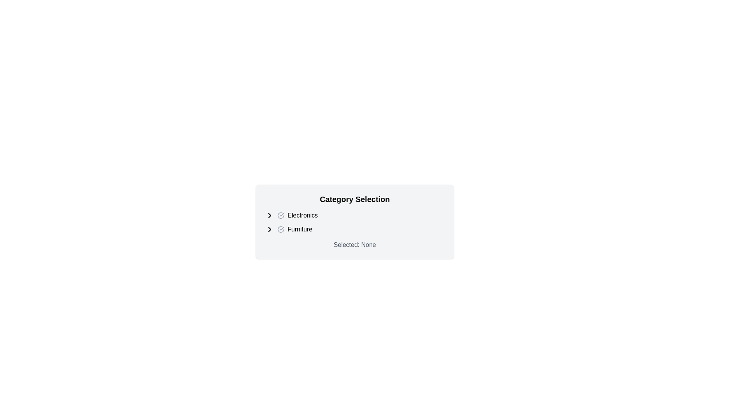 This screenshot has height=418, width=743. What do you see at coordinates (354, 199) in the screenshot?
I see `the Text Label that serves as a section title for the category selection interface, positioned above the 'Electronics' and 'Furniture' labels` at bounding box center [354, 199].